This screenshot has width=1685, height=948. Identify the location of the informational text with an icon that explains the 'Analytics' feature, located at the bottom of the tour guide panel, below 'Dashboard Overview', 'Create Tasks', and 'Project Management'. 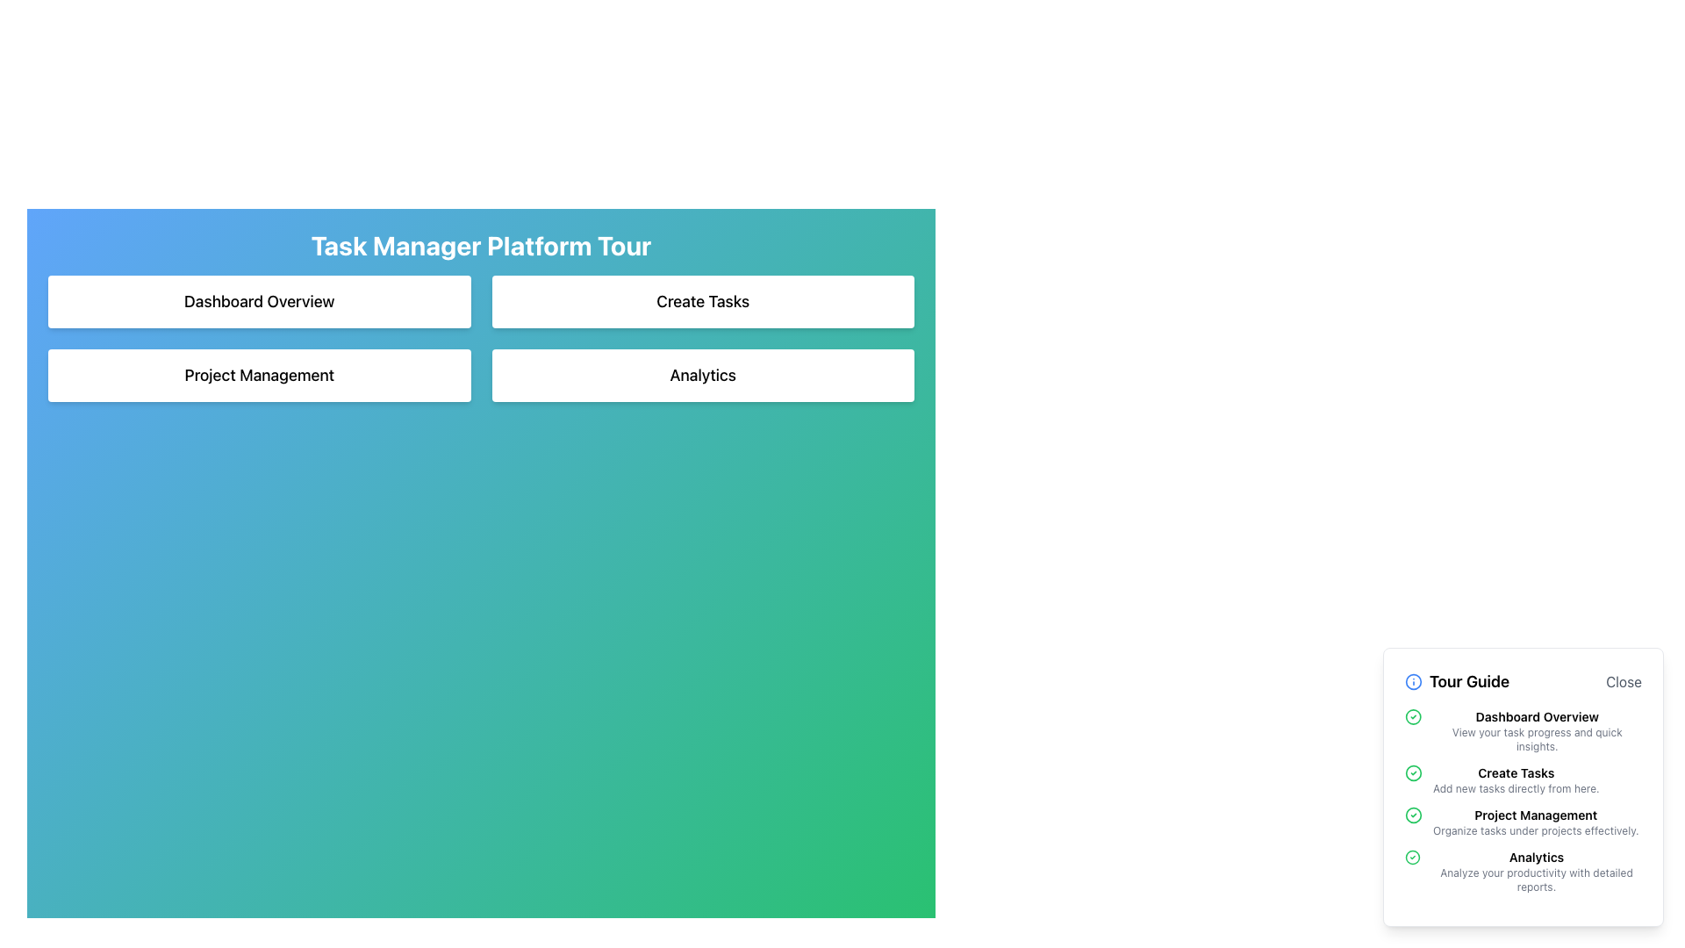
(1523, 871).